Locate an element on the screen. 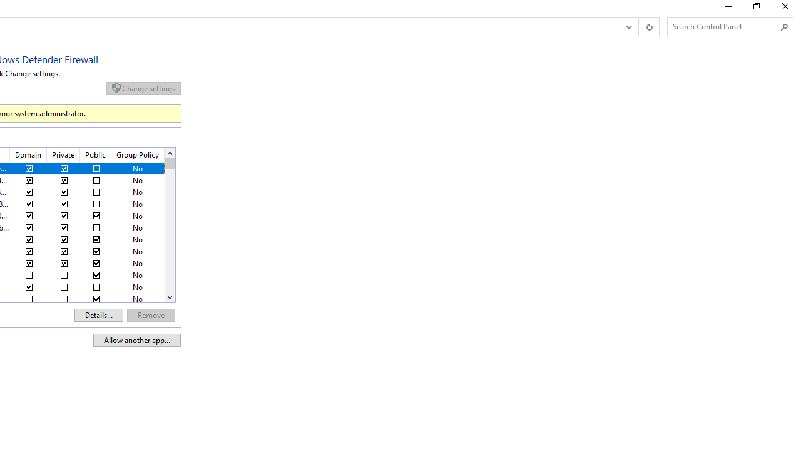 This screenshot has height=450, width=801. 'Allow another app...' is located at coordinates (137, 340).